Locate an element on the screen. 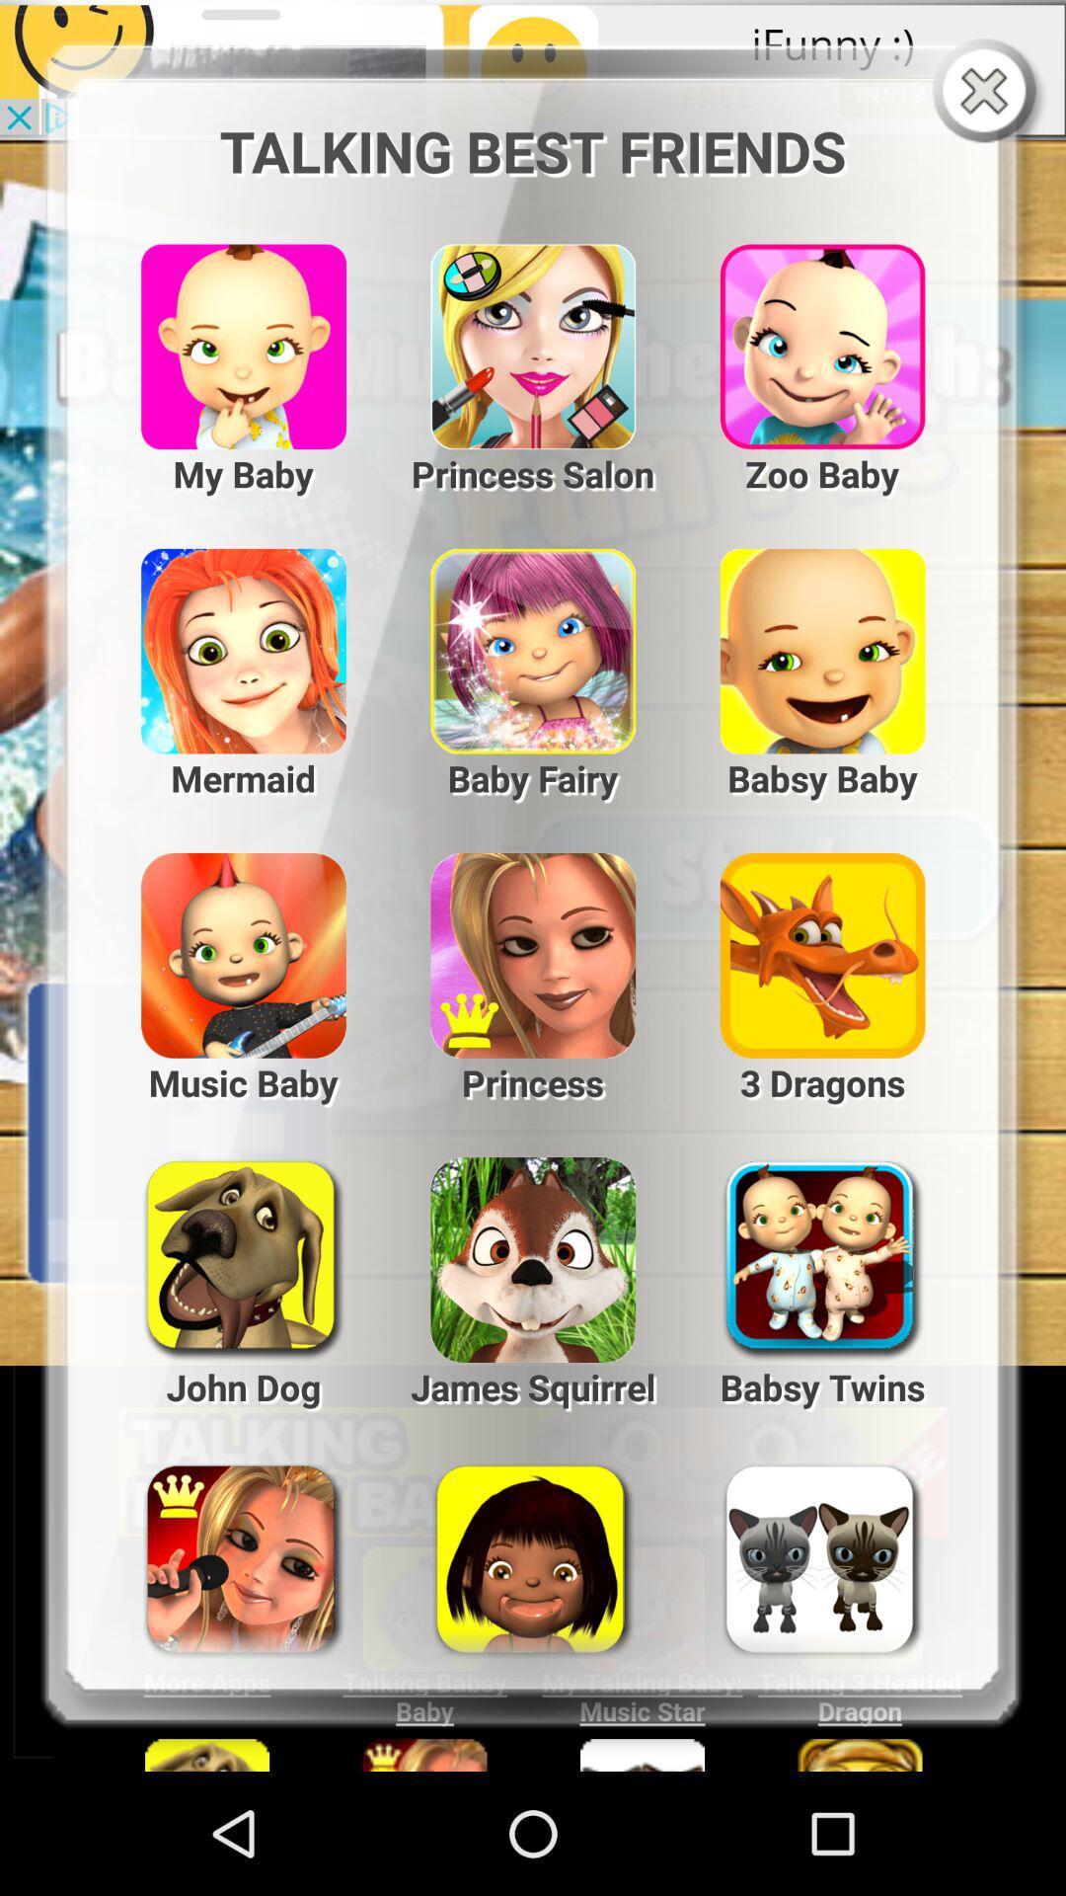 The image size is (1066, 1896). the close icon is located at coordinates (988, 99).